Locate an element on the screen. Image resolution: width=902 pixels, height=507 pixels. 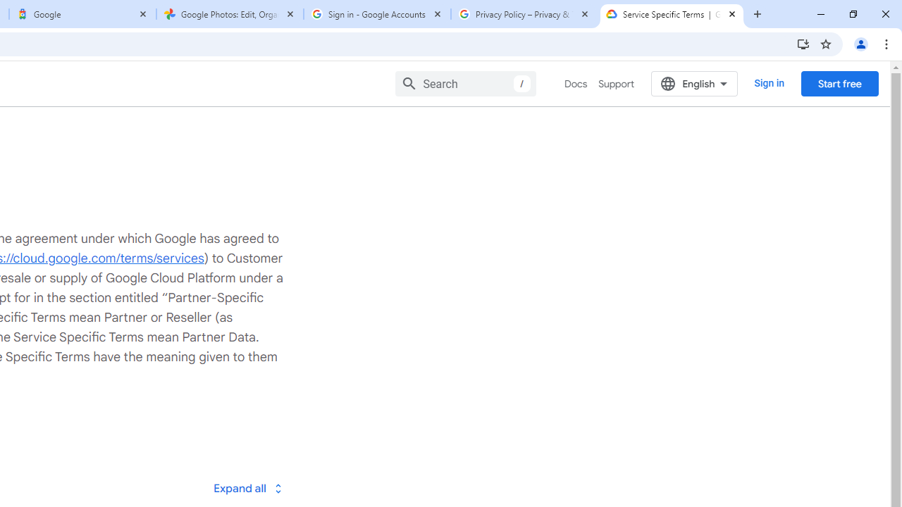
'Google' is located at coordinates (82, 14).